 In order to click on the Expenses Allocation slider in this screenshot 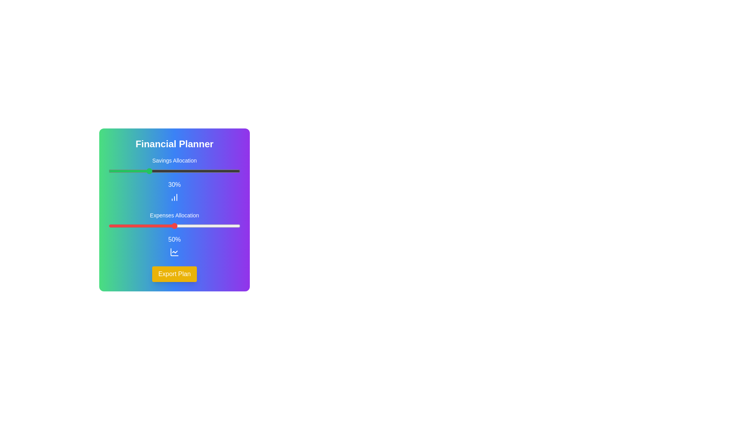, I will do `click(111, 226)`.